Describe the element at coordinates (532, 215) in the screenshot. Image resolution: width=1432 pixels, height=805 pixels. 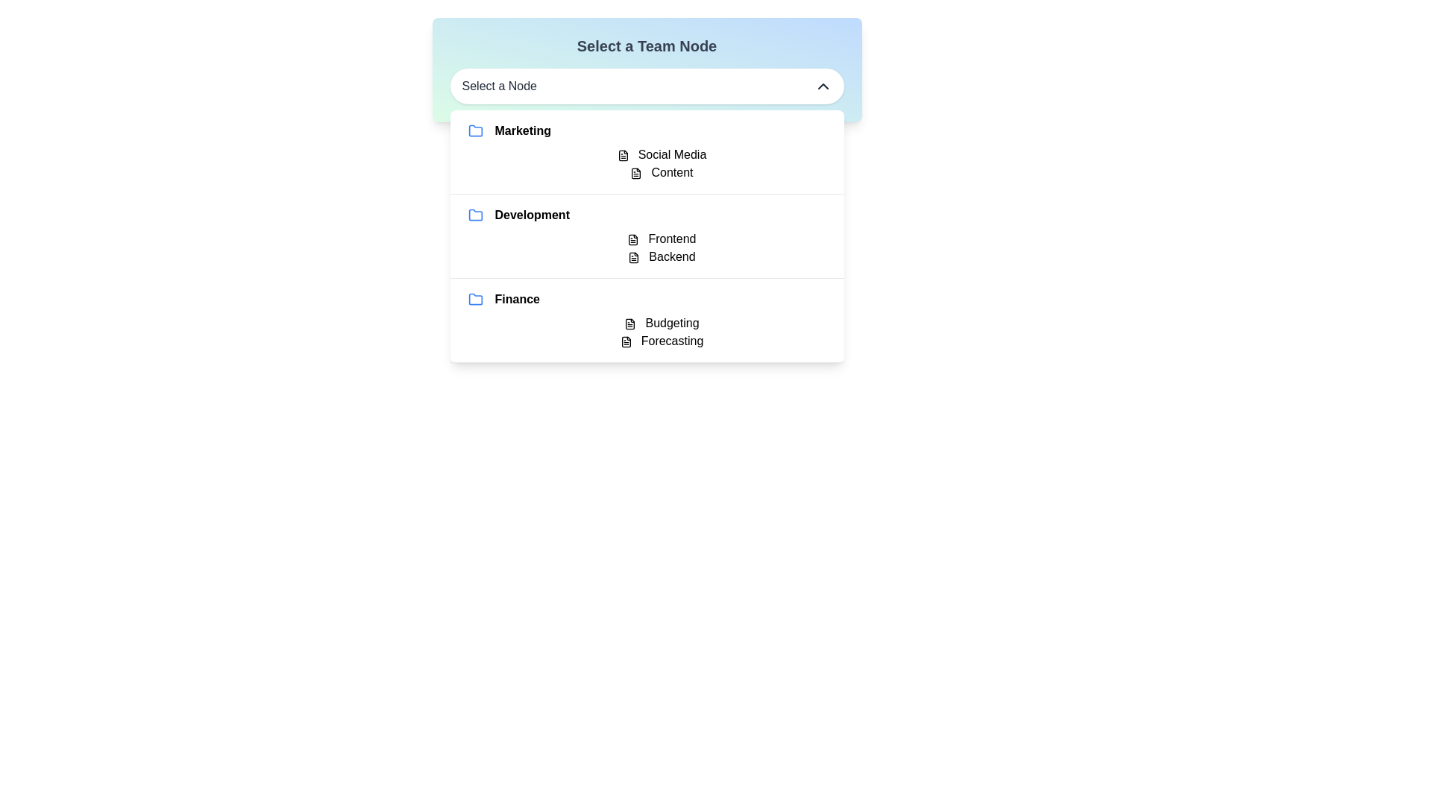
I see `the static text label that serves as a category or node description, positioned centrally between a folder icon and the rest of the layout` at that location.